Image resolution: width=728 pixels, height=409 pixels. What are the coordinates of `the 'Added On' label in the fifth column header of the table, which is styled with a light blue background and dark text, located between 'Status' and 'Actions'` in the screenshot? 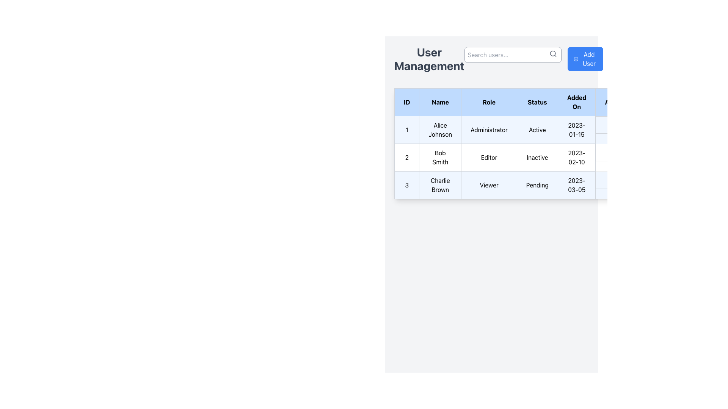 It's located at (576, 102).